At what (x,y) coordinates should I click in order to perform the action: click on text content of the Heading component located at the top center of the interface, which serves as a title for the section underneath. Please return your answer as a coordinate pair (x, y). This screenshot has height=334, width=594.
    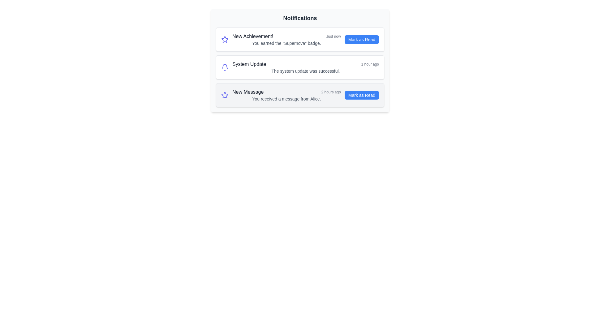
    Looking at the image, I should click on (300, 18).